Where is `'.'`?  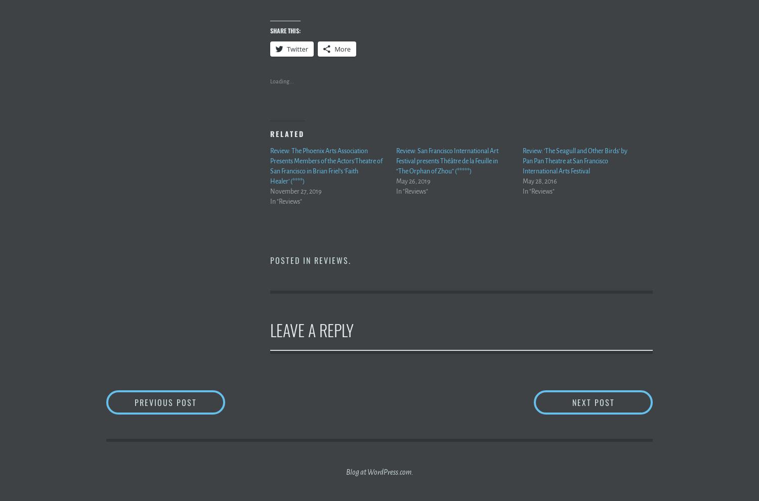
'.' is located at coordinates (349, 260).